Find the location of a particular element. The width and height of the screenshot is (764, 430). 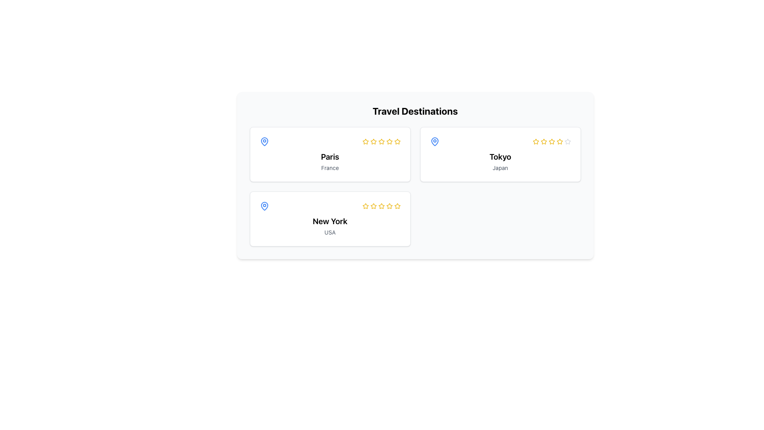

the third star icon in the rating system for 'New York' within the Travel Destinations section is located at coordinates (389, 205).